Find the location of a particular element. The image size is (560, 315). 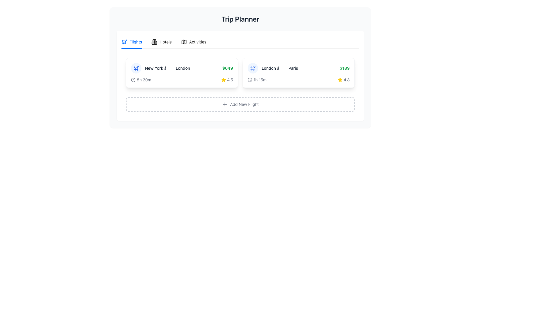

the travel route element displaying 'New York â†’ London' with an associated price of '$649' is located at coordinates (182, 68).